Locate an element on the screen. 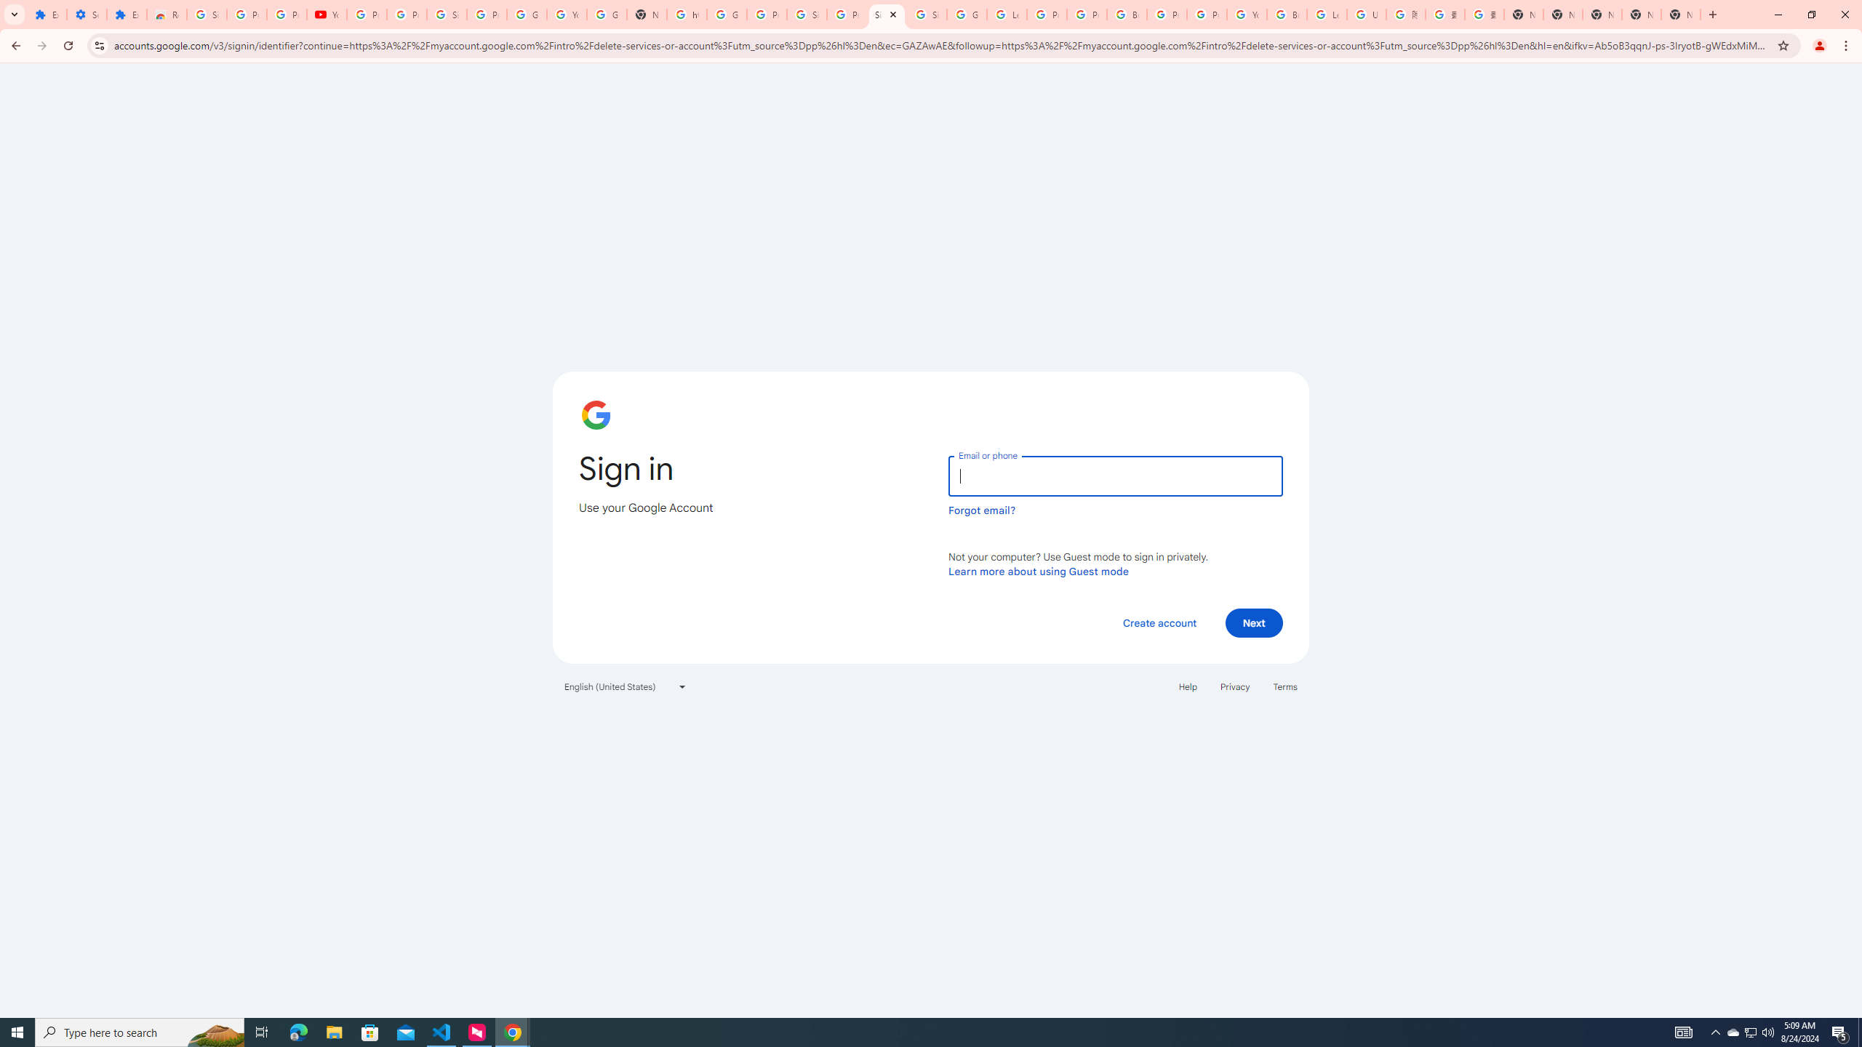  'Email or phone' is located at coordinates (1114, 476).